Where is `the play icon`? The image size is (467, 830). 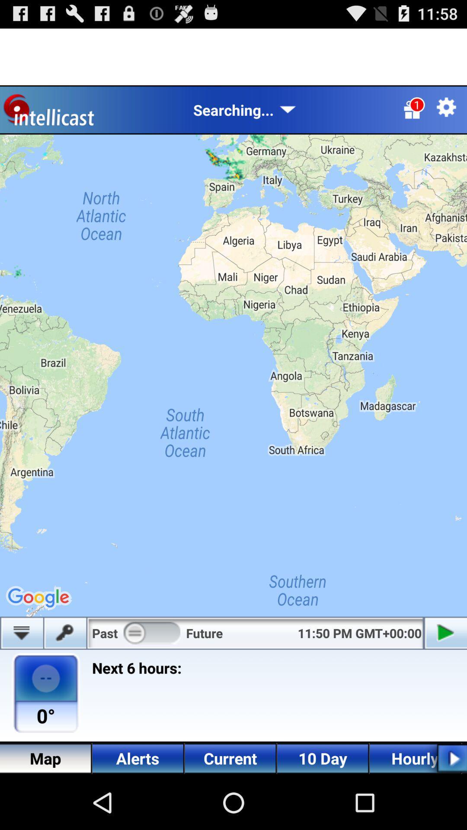
the play icon is located at coordinates (445, 811).